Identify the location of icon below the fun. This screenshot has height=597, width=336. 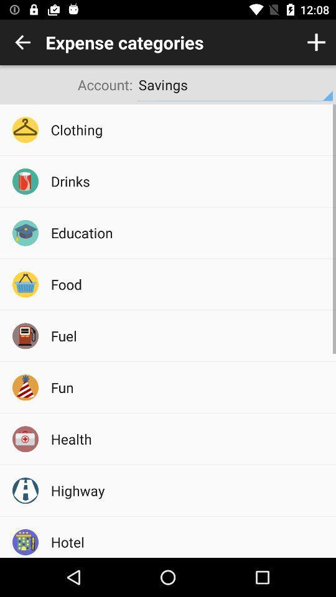
(189, 438).